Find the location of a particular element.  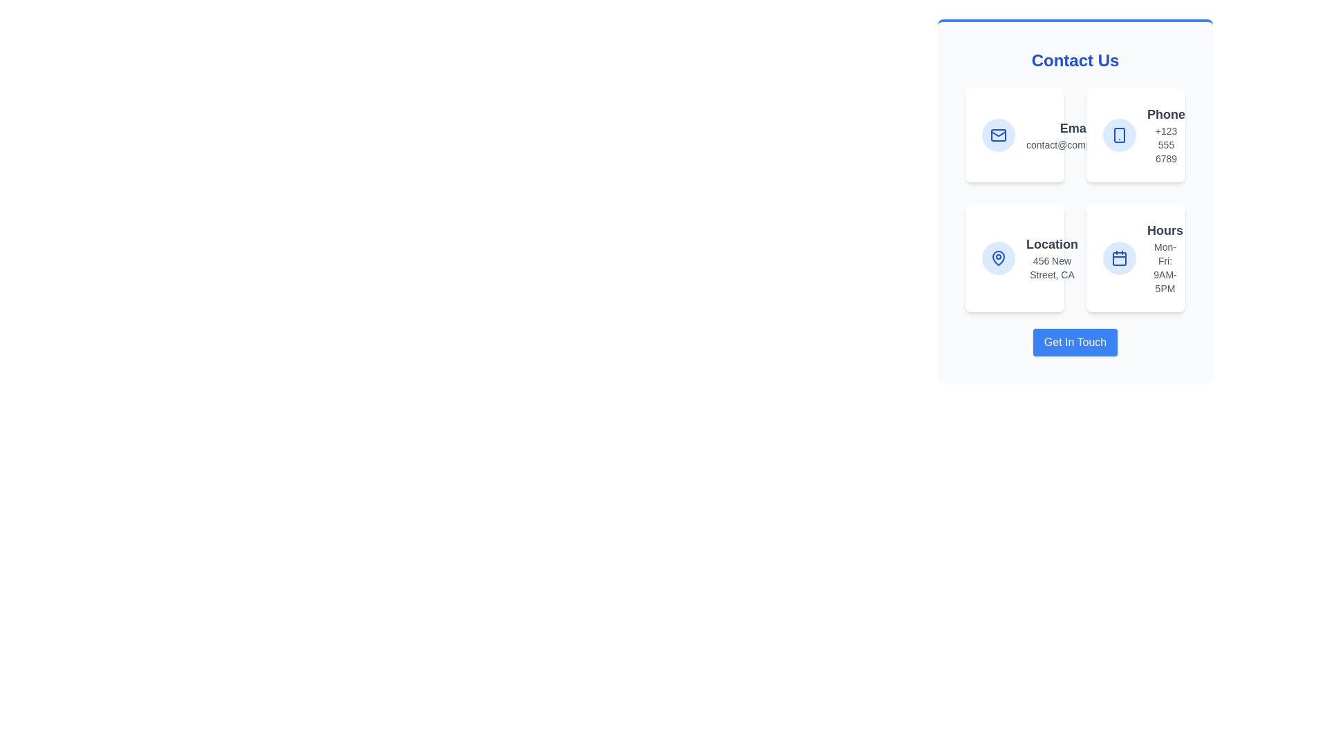

the circular badge with a blue envelope icon inside, located in the 'Contact Us' section under the title 'Contact Us' and next to the text 'Email contact@company.com' is located at coordinates (998, 135).